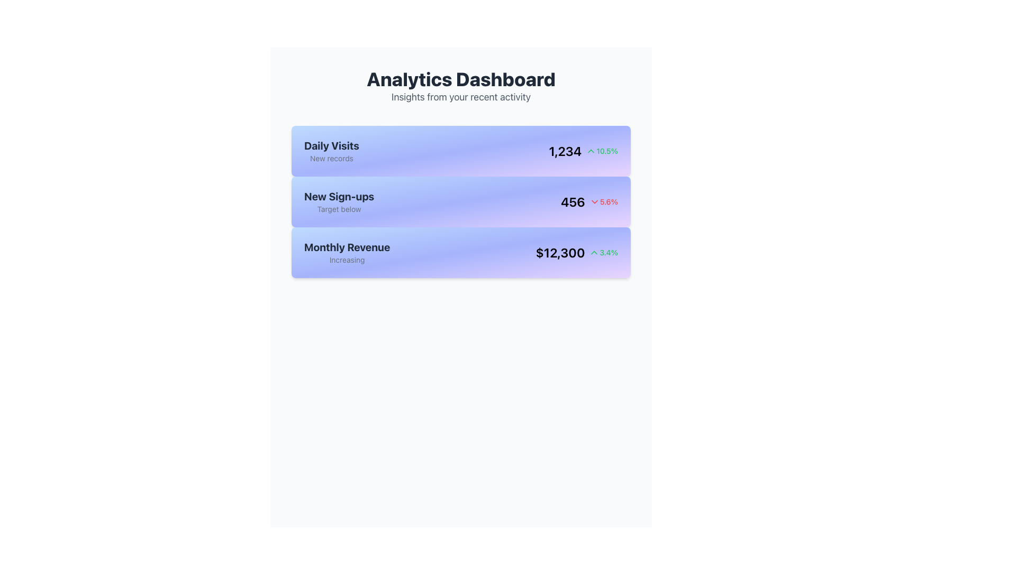  Describe the element at coordinates (609, 201) in the screenshot. I see `value displayed as '5.6%' in red text, located in the second section of the analytics dashboard next to the downward arrow icon` at that location.